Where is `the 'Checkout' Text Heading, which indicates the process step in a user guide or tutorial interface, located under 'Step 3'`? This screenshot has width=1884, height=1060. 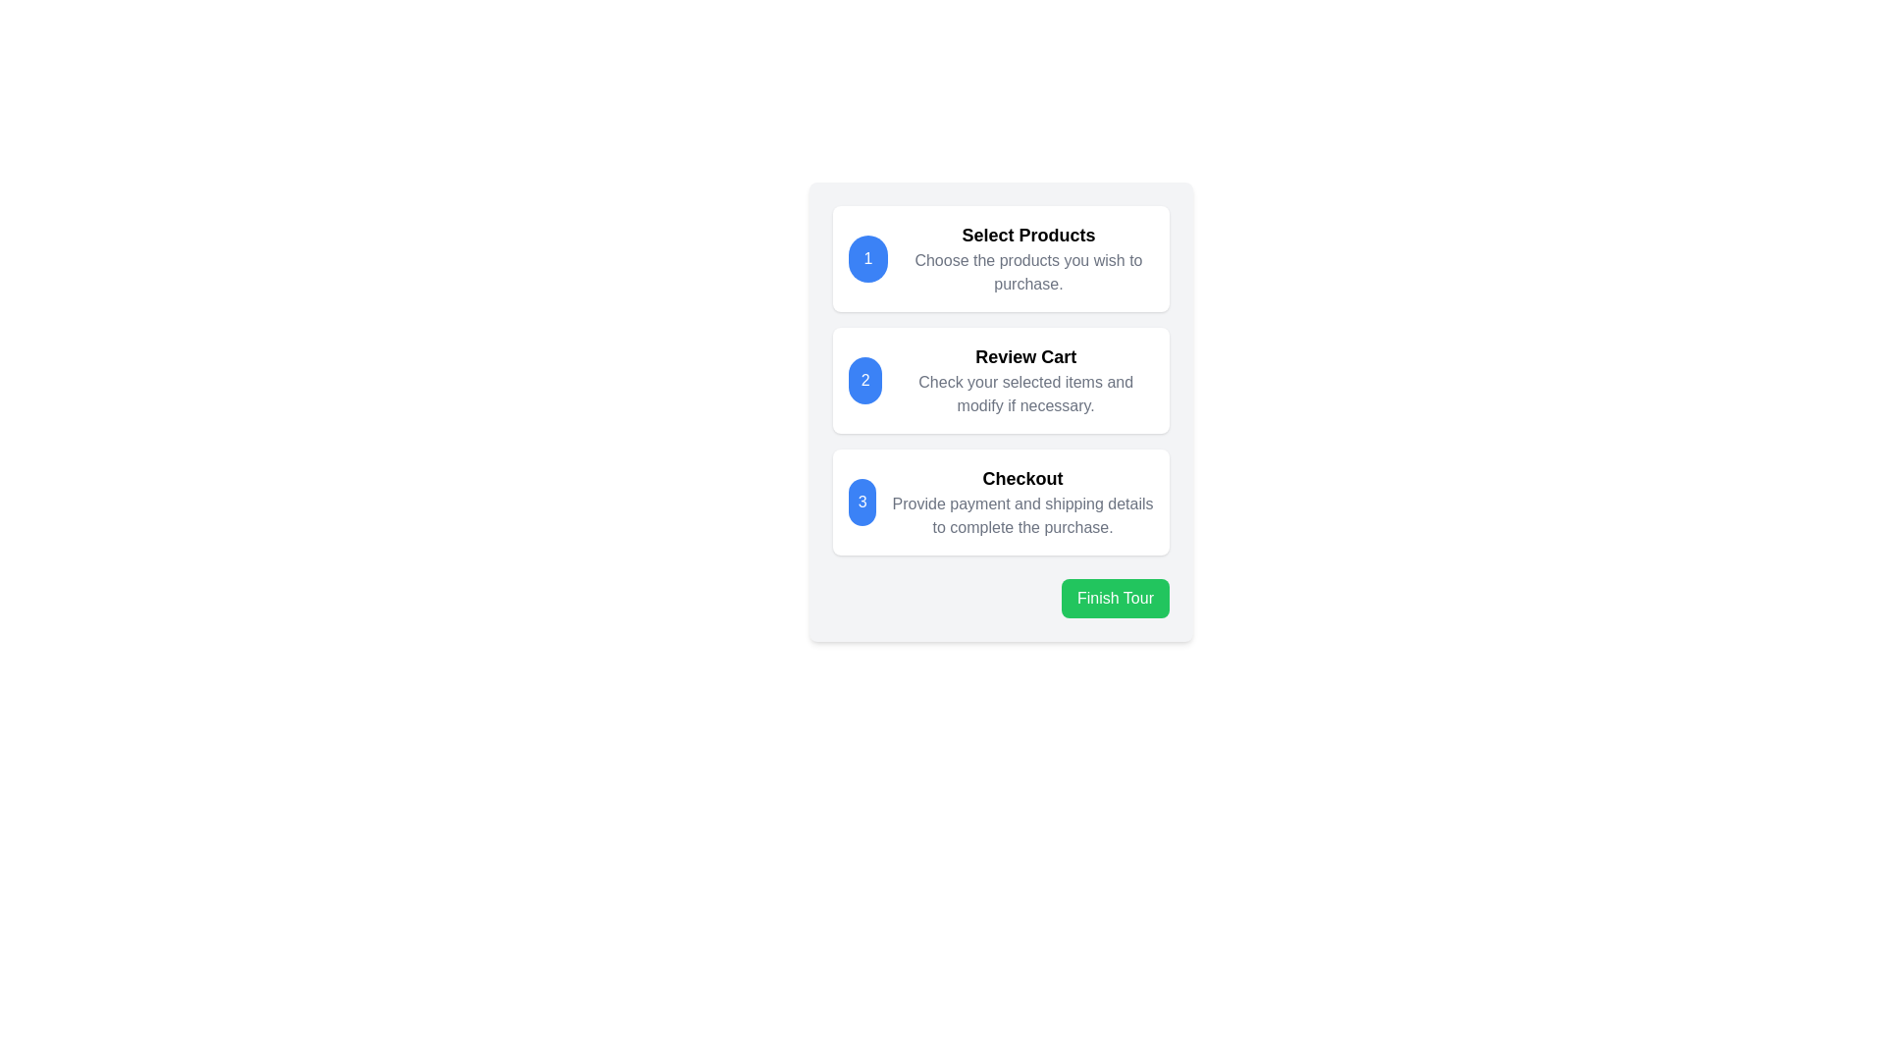 the 'Checkout' Text Heading, which indicates the process step in a user guide or tutorial interface, located under 'Step 3' is located at coordinates (1021, 479).